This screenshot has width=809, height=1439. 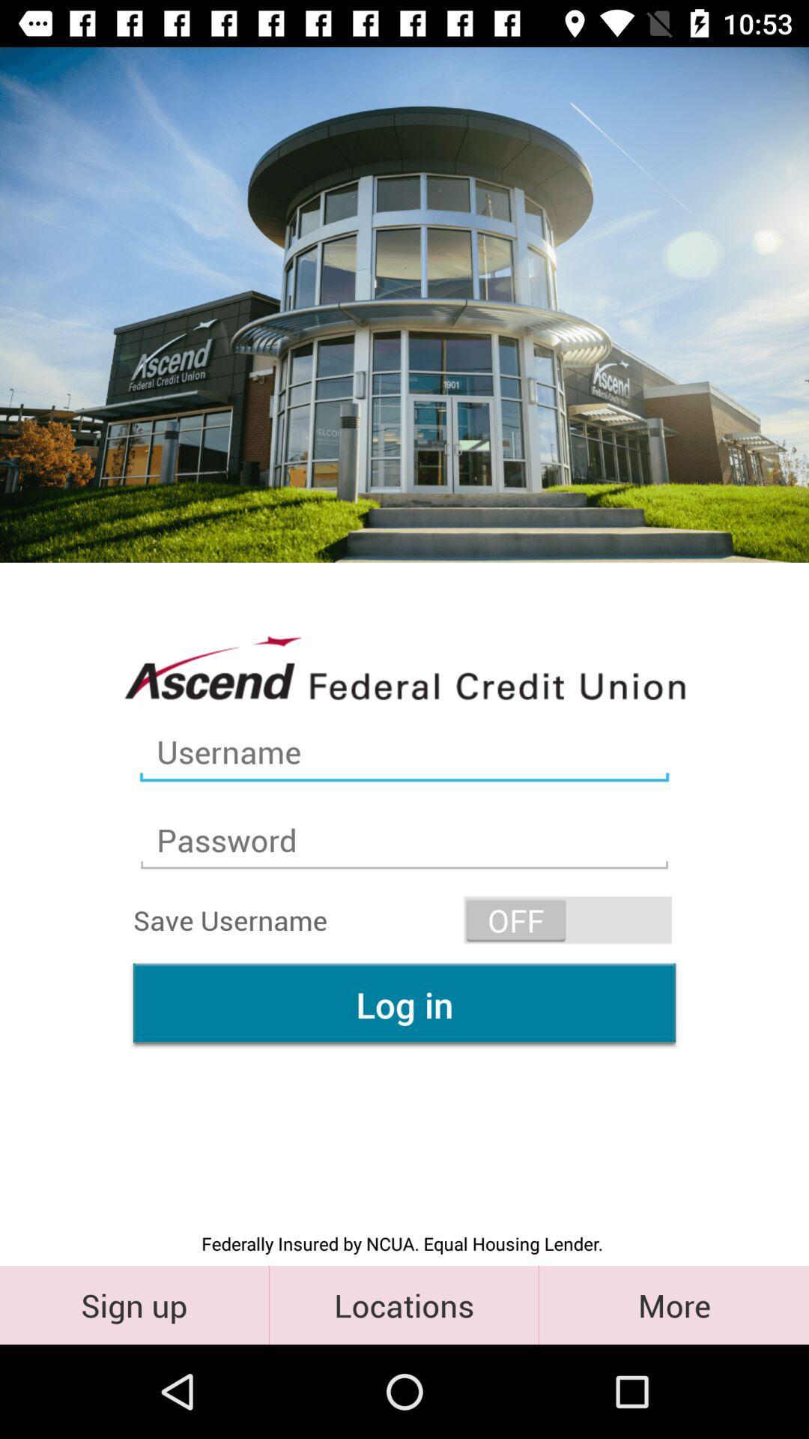 What do you see at coordinates (673, 1304) in the screenshot?
I see `item below federally insured by icon` at bounding box center [673, 1304].